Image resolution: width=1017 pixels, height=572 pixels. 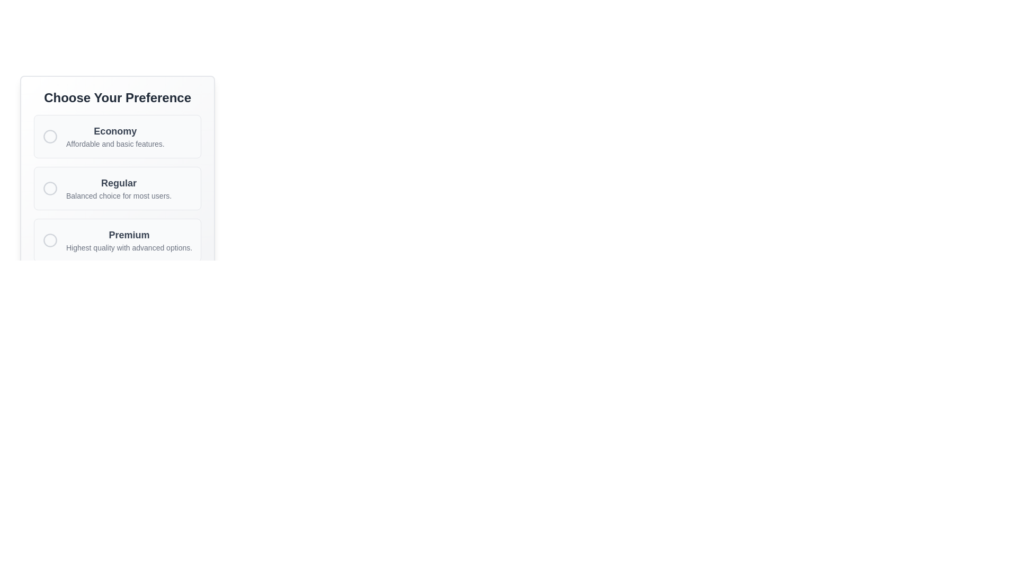 What do you see at coordinates (119, 196) in the screenshot?
I see `the descriptive subtitle text label for the 'Regular' option, located under the 'Choose Your Preference' section` at bounding box center [119, 196].